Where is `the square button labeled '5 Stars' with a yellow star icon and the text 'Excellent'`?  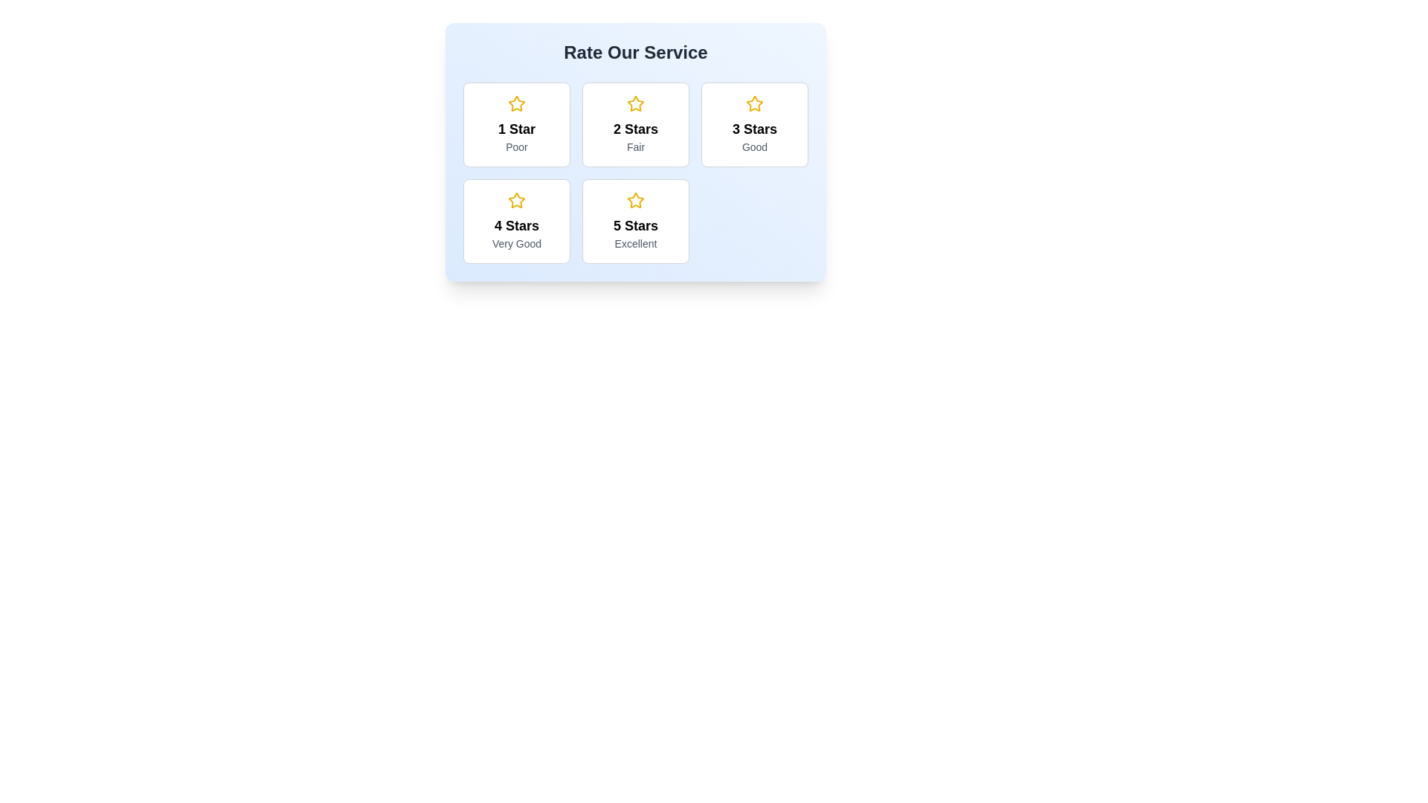 the square button labeled '5 Stars' with a yellow star icon and the text 'Excellent' is located at coordinates (635, 221).